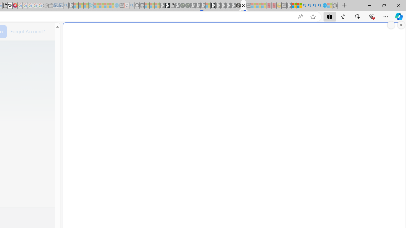 Image resolution: width=406 pixels, height=228 pixels. I want to click on 'Microsoft account | Privacy - Sleeping', so click(86, 5).